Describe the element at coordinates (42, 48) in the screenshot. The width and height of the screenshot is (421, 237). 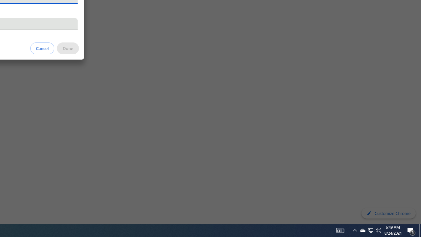
I see `'Cancel'` at that location.